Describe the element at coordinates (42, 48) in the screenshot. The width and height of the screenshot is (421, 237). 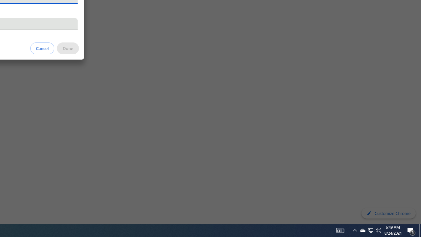
I see `'Cancel'` at that location.